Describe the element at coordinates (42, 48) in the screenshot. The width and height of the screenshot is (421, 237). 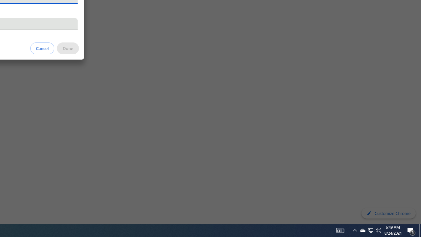
I see `'Cancel'` at that location.